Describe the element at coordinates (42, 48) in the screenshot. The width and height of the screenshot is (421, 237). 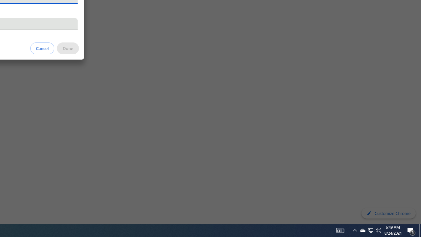
I see `'Cancel'` at that location.